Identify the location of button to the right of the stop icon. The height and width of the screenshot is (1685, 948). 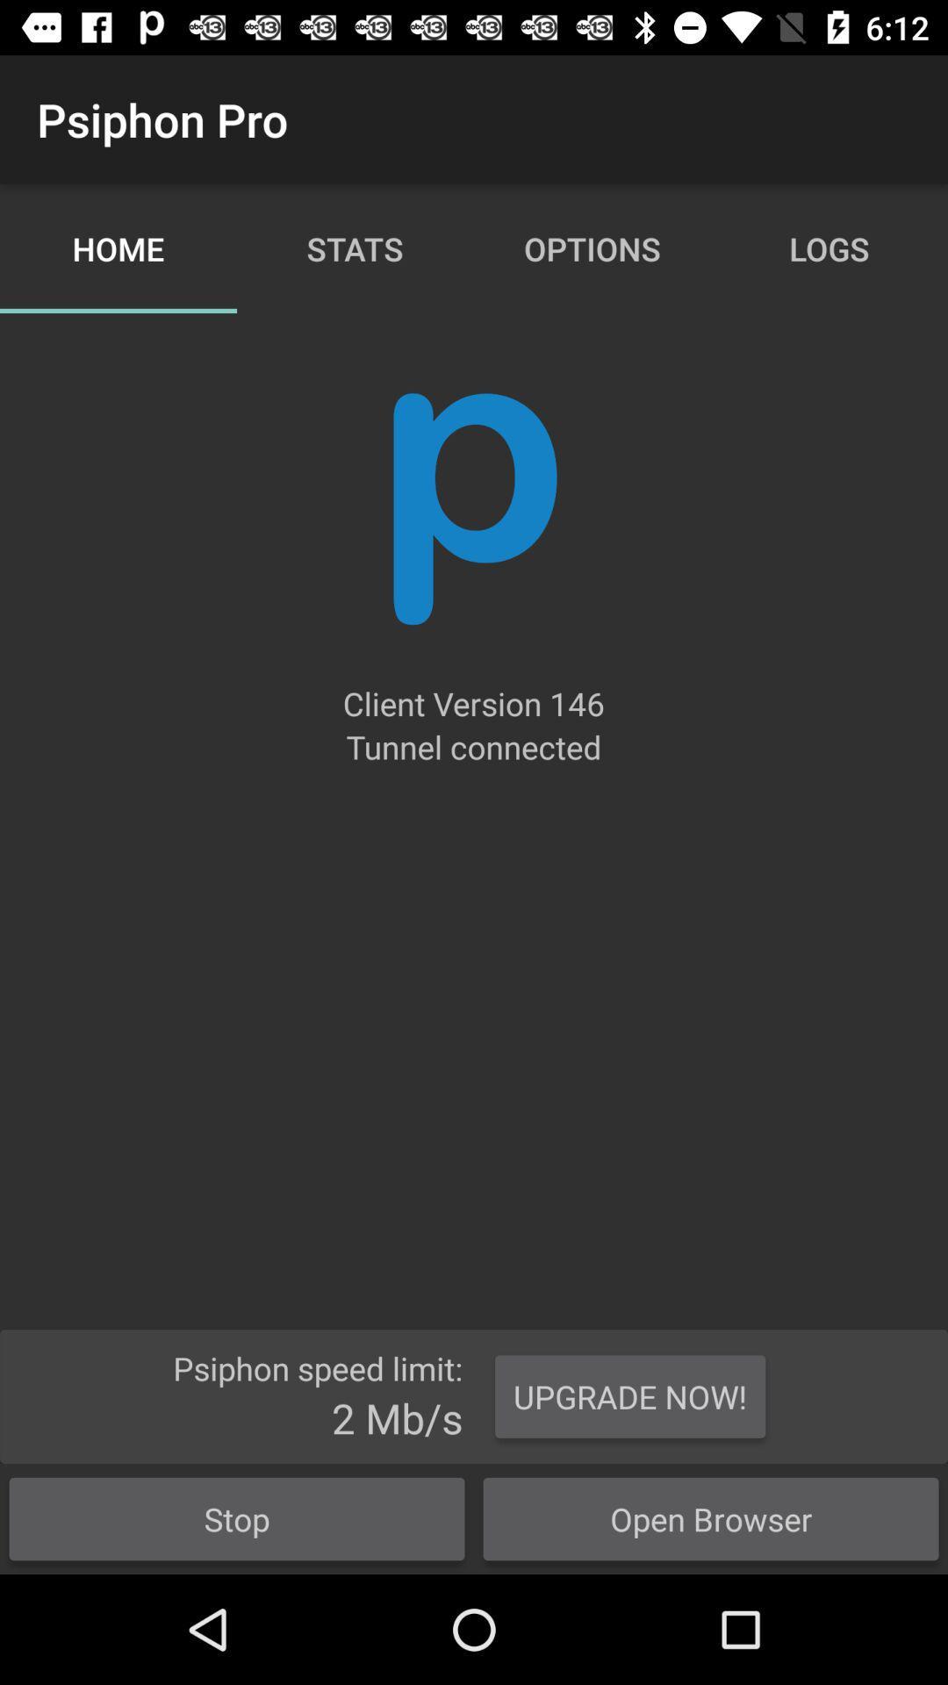
(629, 1395).